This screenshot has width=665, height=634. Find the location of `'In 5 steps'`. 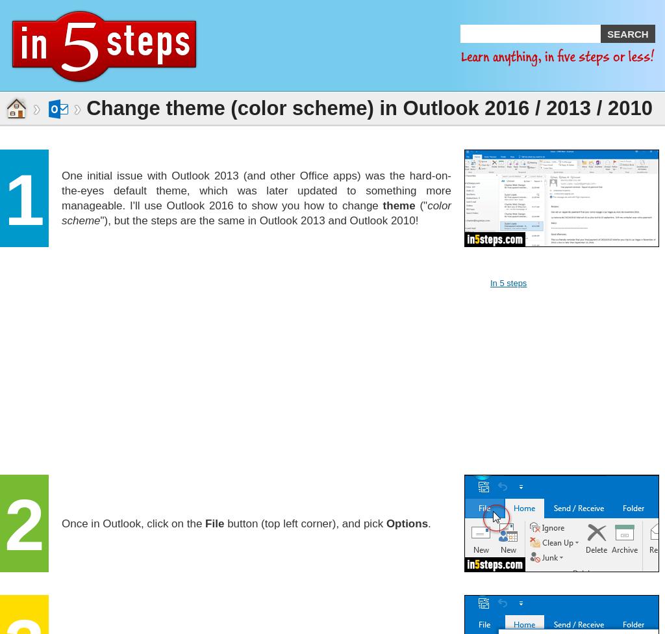

'In 5 steps' is located at coordinates (508, 283).